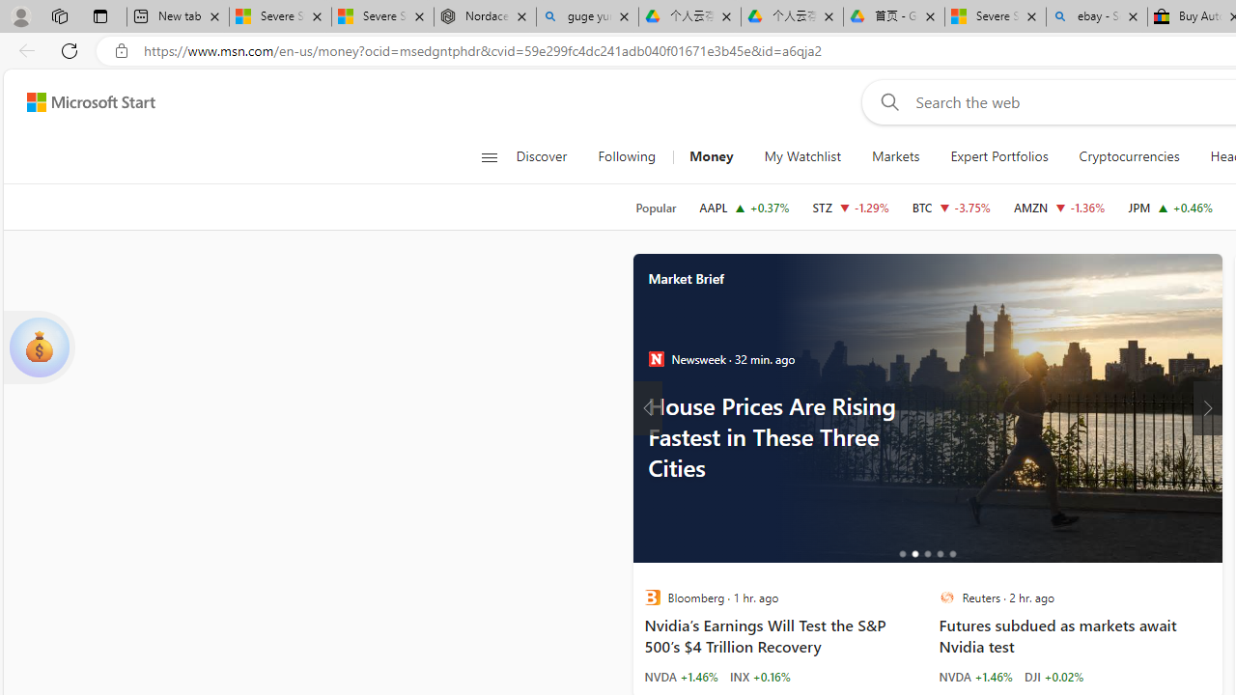 Image resolution: width=1236 pixels, height=695 pixels. What do you see at coordinates (998, 156) in the screenshot?
I see `'Expert Portfolios'` at bounding box center [998, 156].